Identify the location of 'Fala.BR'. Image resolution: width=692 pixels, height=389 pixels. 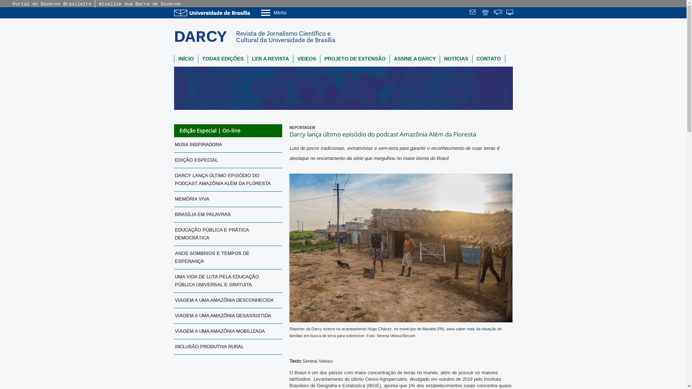
(493, 13).